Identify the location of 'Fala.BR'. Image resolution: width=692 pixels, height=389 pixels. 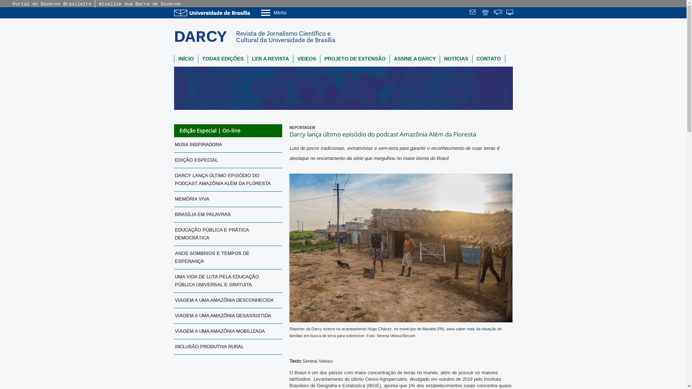
(493, 13).